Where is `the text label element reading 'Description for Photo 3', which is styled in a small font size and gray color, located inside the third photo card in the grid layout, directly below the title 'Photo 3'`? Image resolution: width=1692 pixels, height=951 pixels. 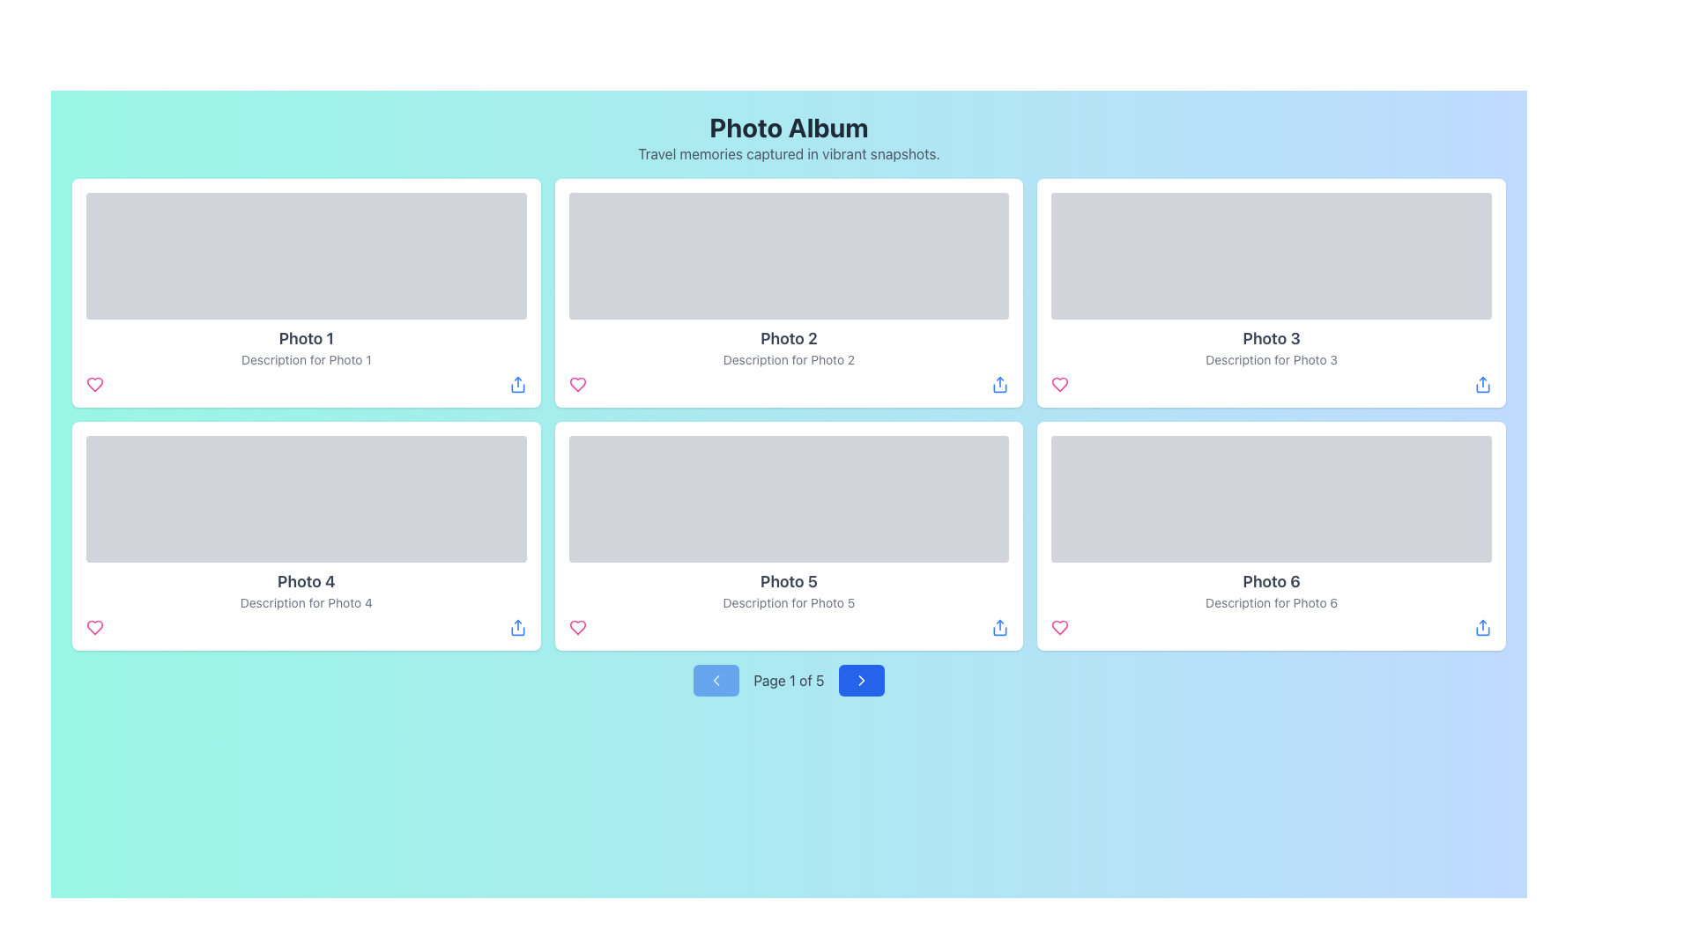
the text label element reading 'Description for Photo 3', which is styled in a small font size and gray color, located inside the third photo card in the grid layout, directly below the title 'Photo 3' is located at coordinates (1272, 358).